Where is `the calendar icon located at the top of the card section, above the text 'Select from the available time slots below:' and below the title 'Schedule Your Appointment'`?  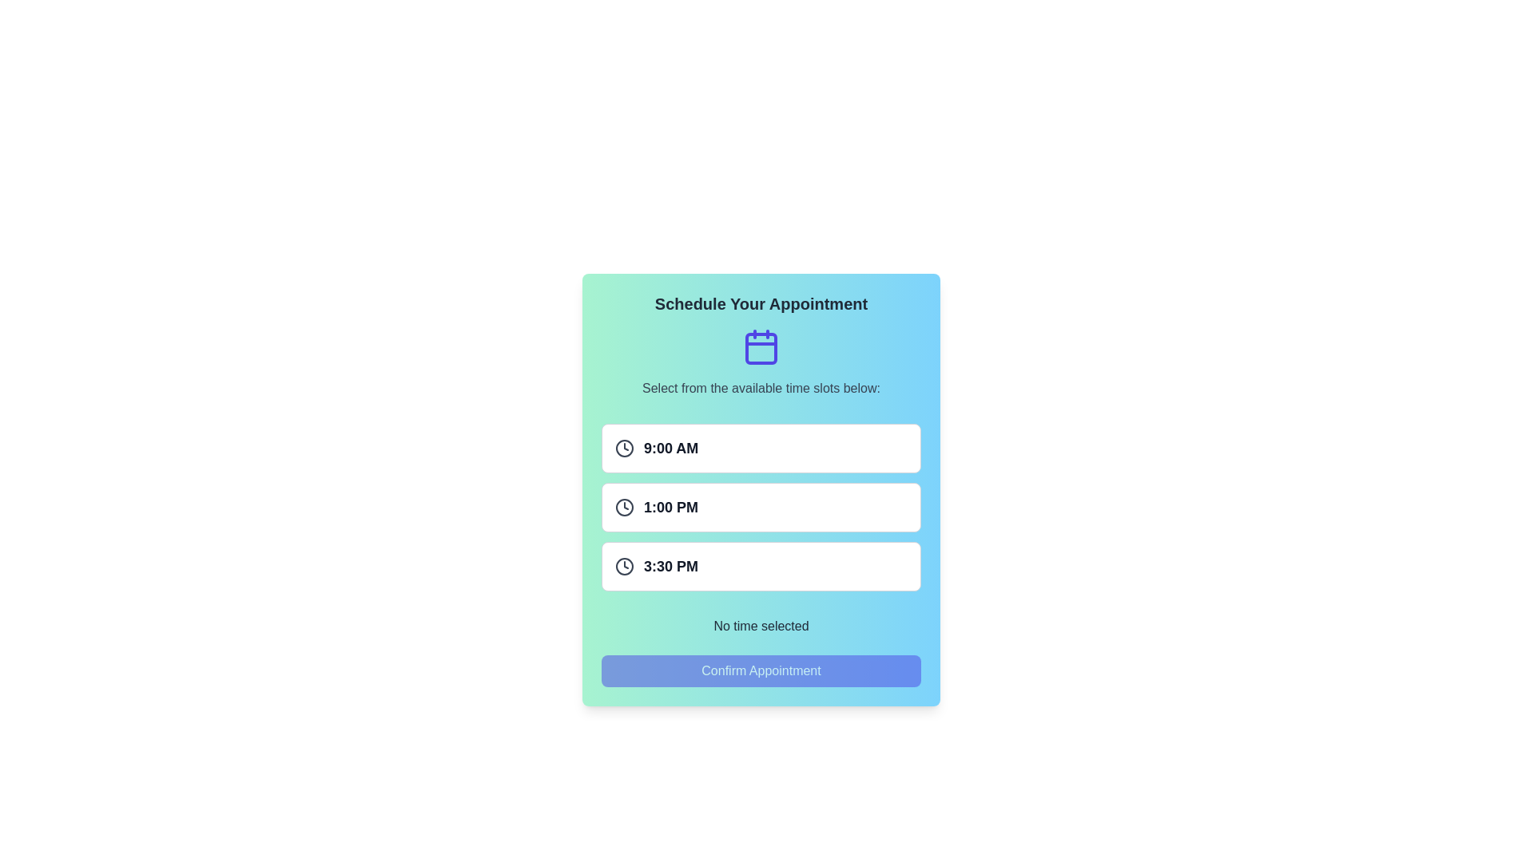
the calendar icon located at the top of the card section, above the text 'Select from the available time slots below:' and below the title 'Schedule Your Appointment' is located at coordinates (761, 346).